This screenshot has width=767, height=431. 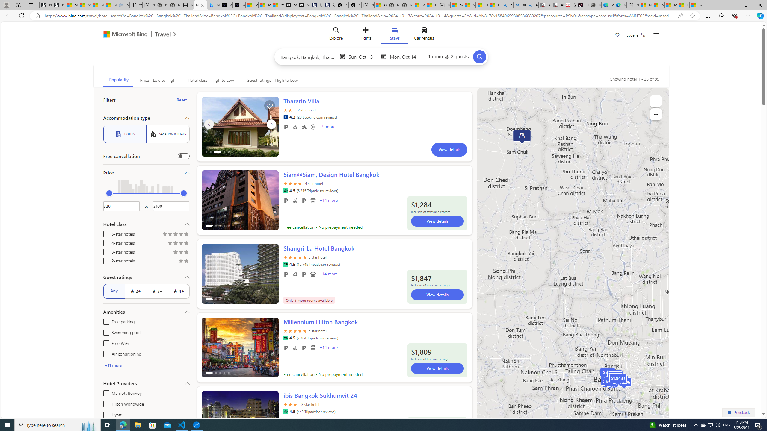 What do you see at coordinates (135, 291) in the screenshot?
I see `'2+'` at bounding box center [135, 291].